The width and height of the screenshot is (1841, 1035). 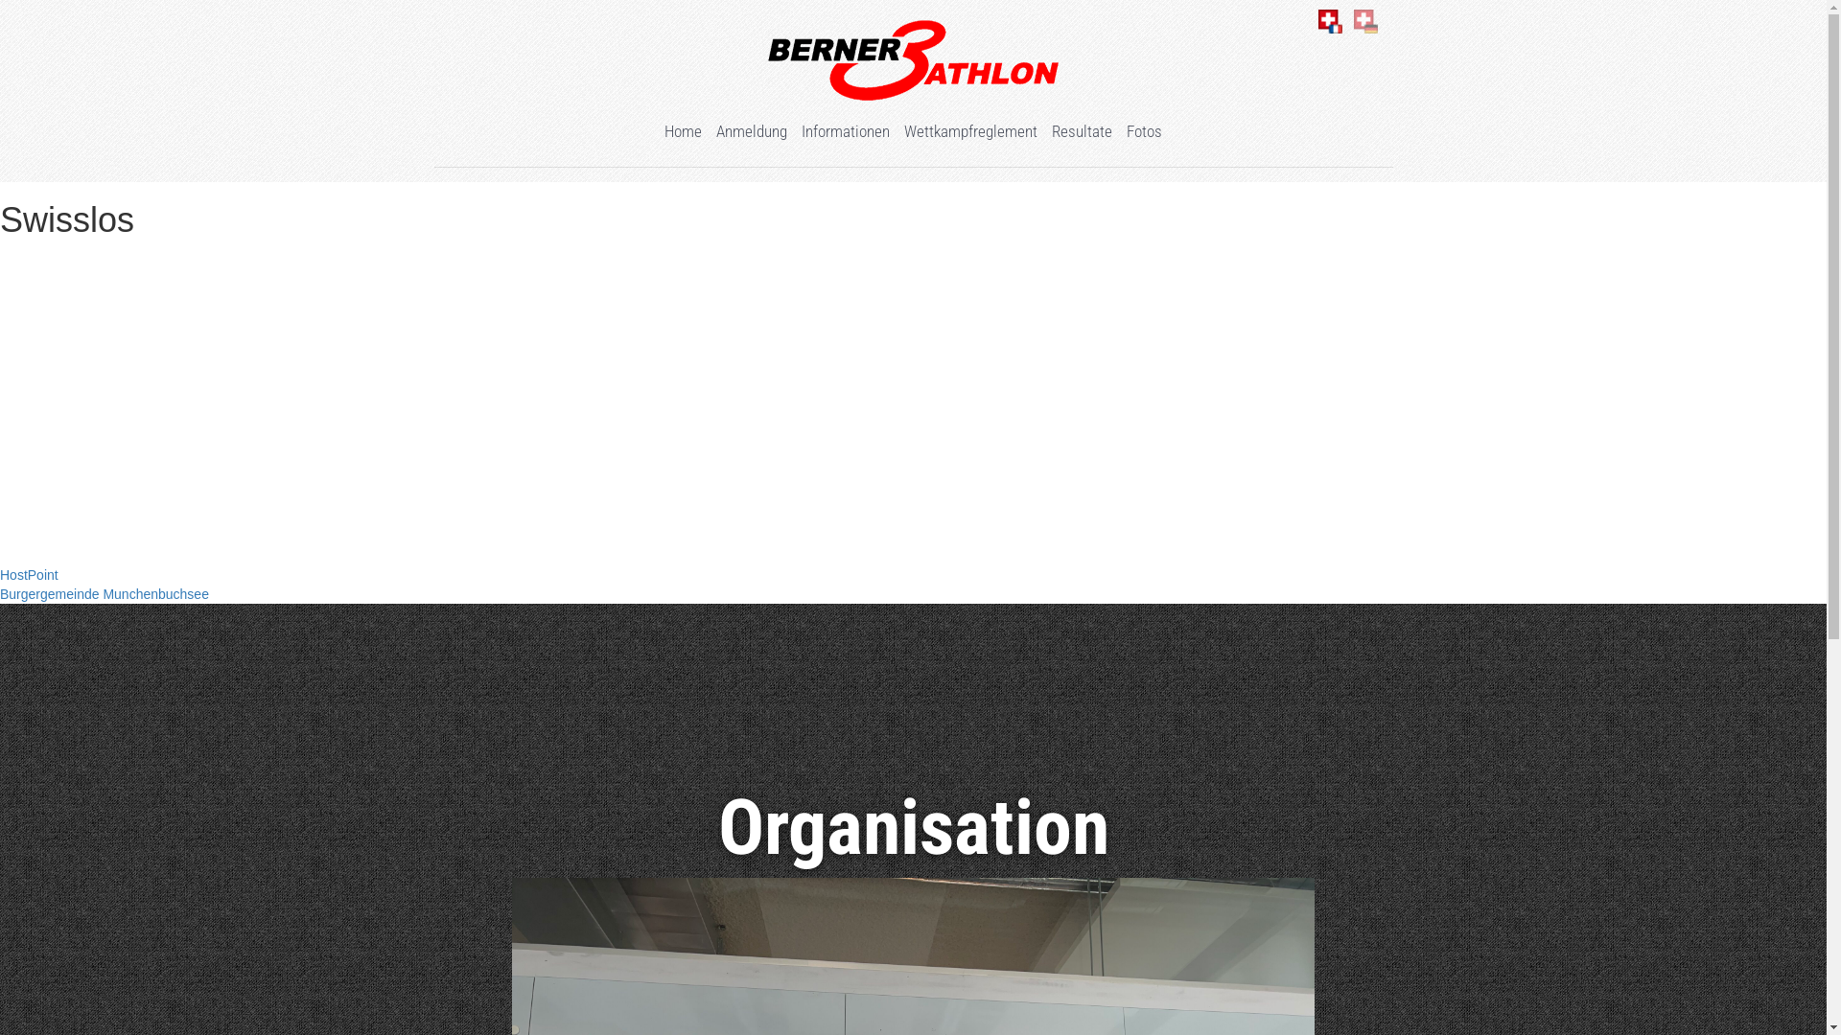 What do you see at coordinates (1082, 130) in the screenshot?
I see `'Resultate'` at bounding box center [1082, 130].